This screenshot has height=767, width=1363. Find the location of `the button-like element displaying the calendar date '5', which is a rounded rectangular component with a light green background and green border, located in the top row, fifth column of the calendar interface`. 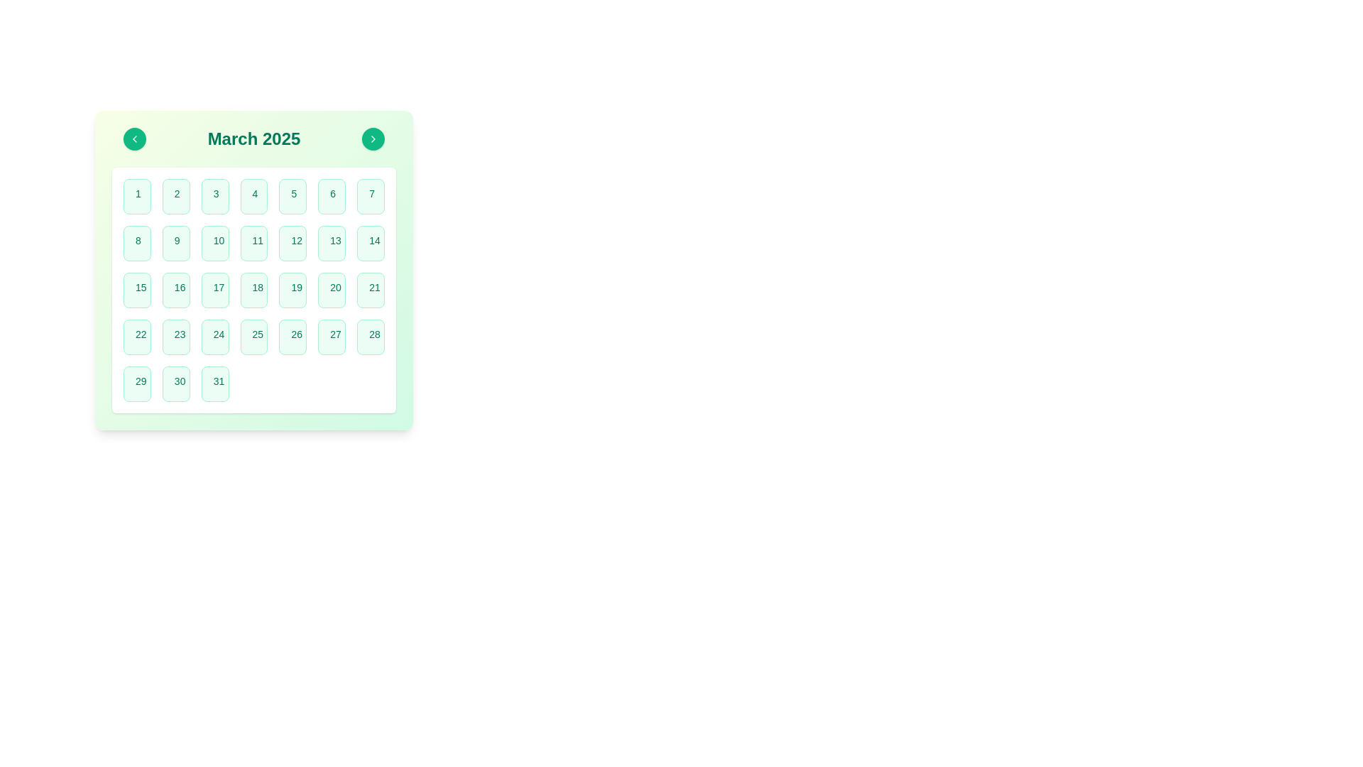

the button-like element displaying the calendar date '5', which is a rounded rectangular component with a light green background and green border, located in the top row, fifth column of the calendar interface is located at coordinates (292, 197).